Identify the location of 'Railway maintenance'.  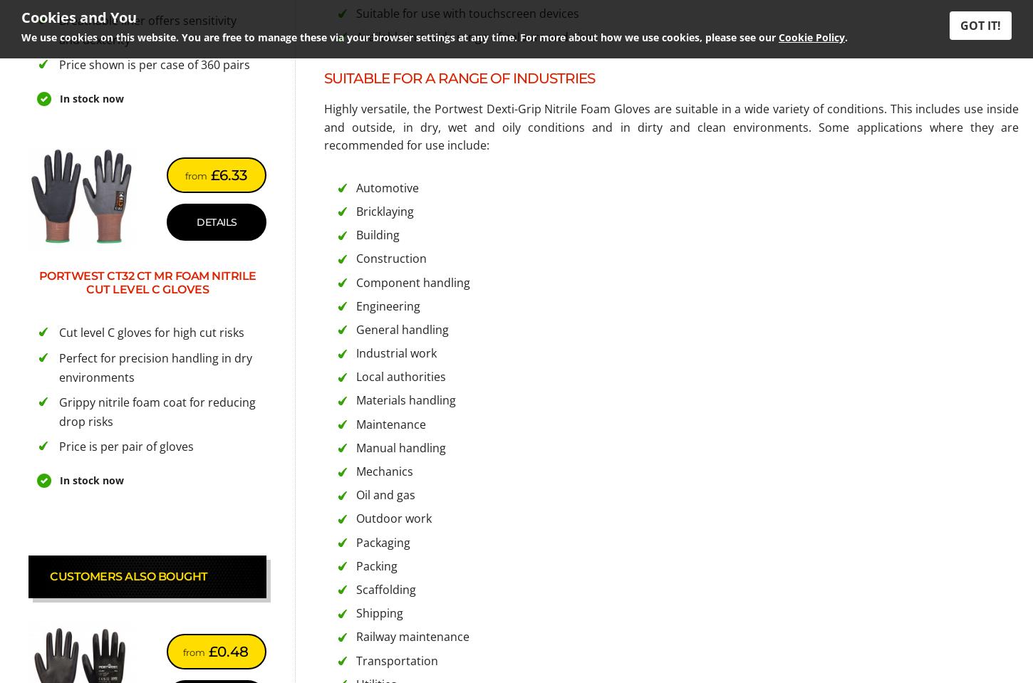
(412, 636).